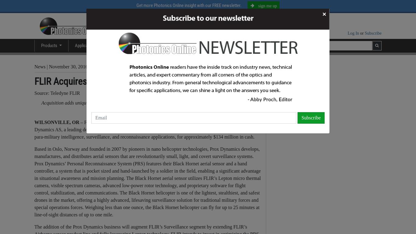  What do you see at coordinates (294, 66) in the screenshot?
I see `'Teledyne FLIR'` at bounding box center [294, 66].